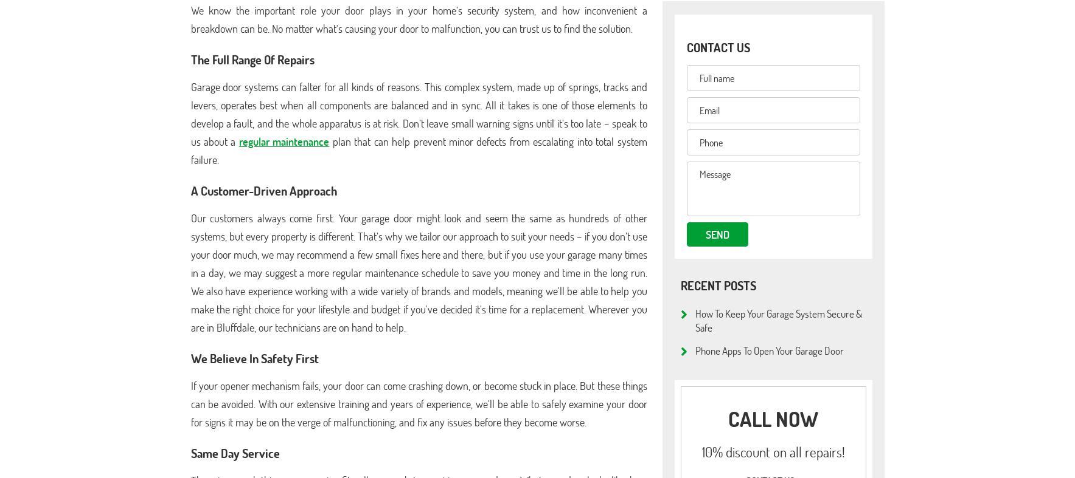 The image size is (1075, 478). Describe the element at coordinates (190, 19) in the screenshot. I see `'We know the important role your door plays in your home’s security system, and how inconvenient a breakdown can be. No matter what's causing your door to malfunction, you can trust us to find the solution.'` at that location.